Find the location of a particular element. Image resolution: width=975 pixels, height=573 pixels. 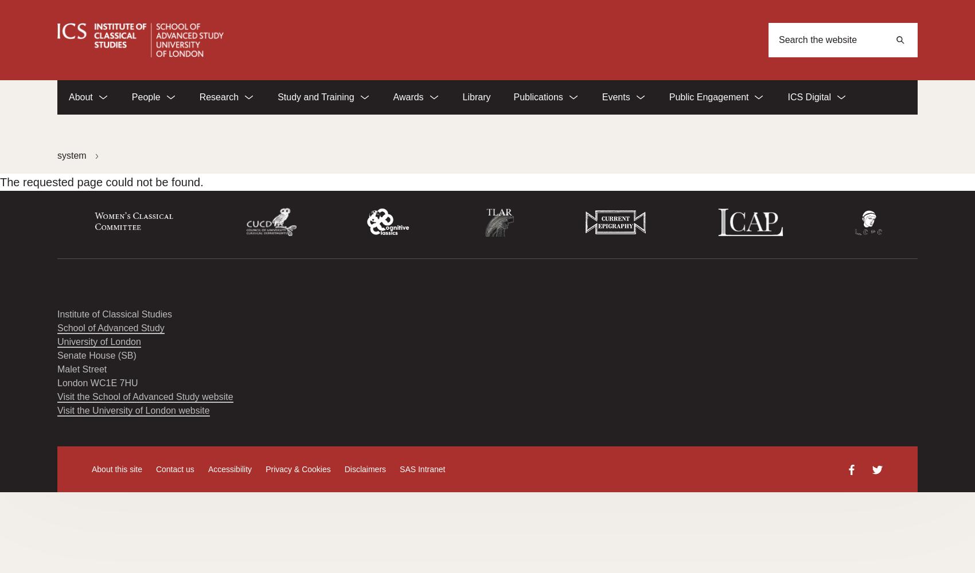

'Public Engagement' is located at coordinates (708, 97).